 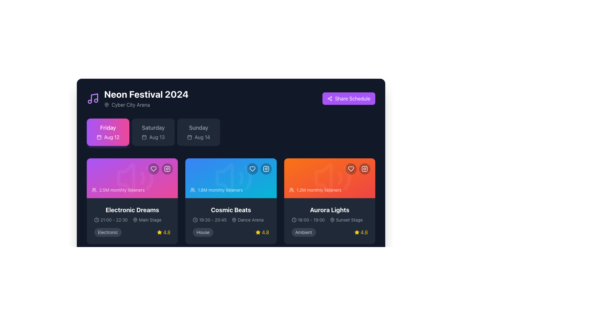 I want to click on the heart icon located at the top-right corner of the 'Electronic Dreams' card to like or favorite it, so click(x=154, y=169).